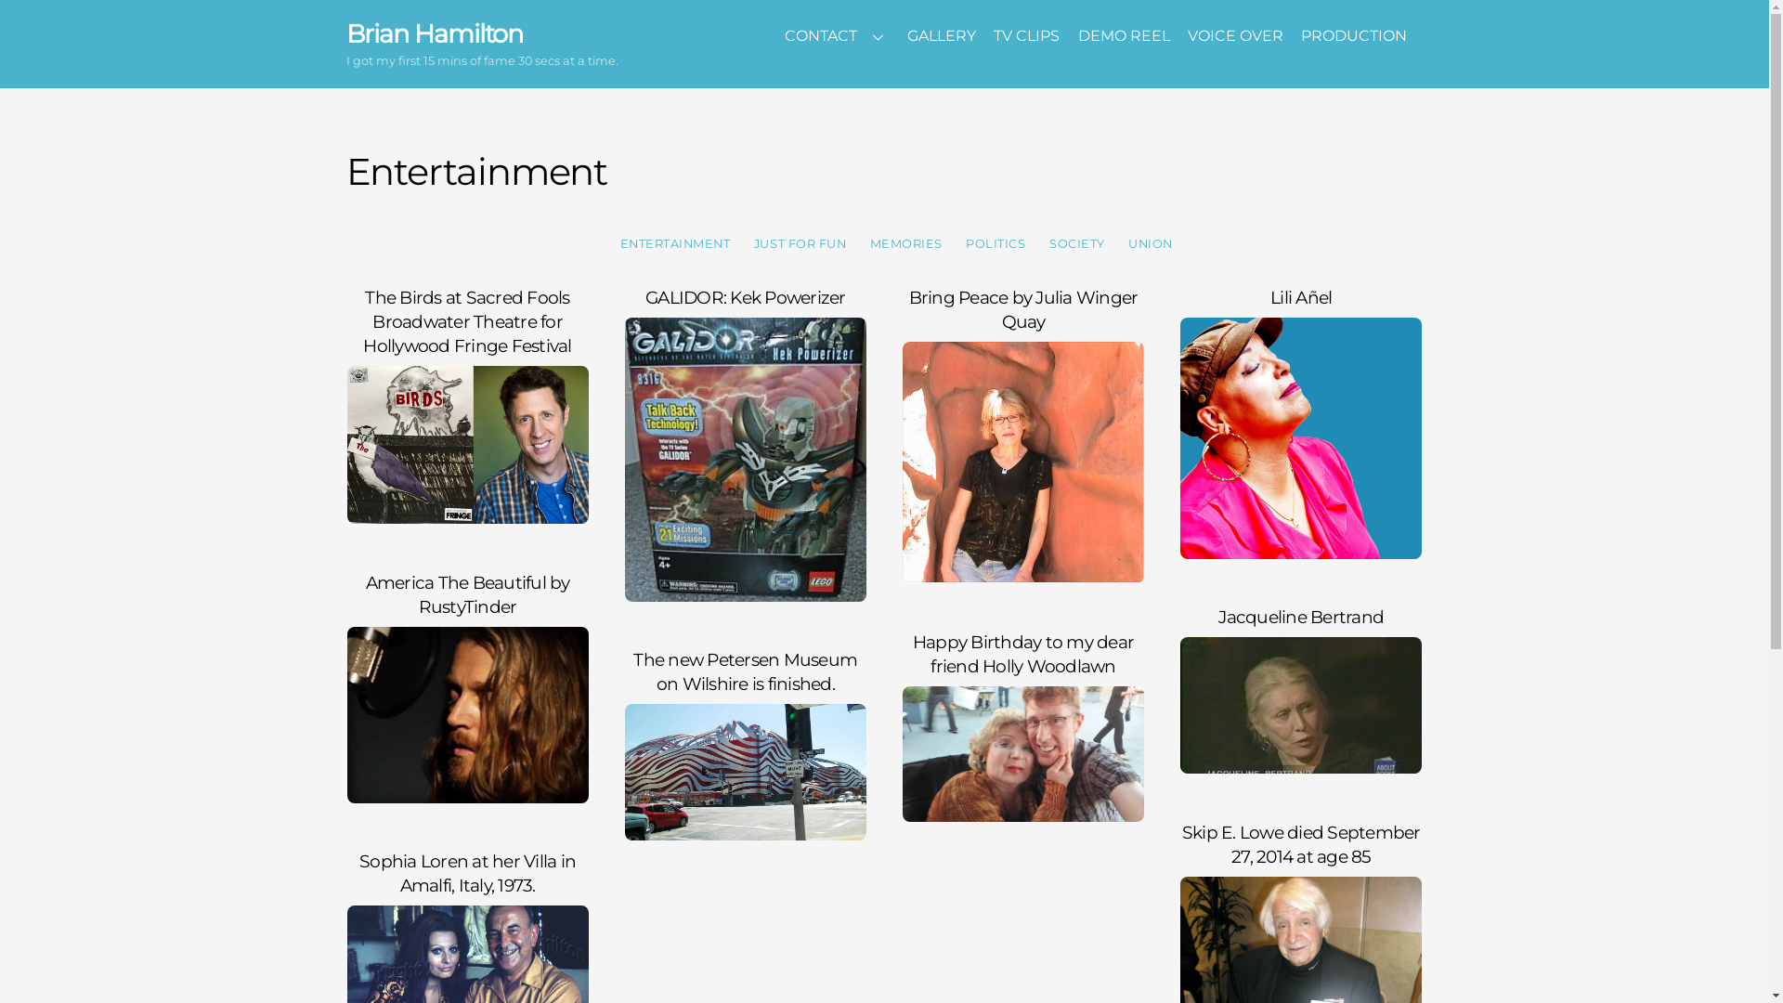  Describe the element at coordinates (996, 242) in the screenshot. I see `'POLITICS'` at that location.